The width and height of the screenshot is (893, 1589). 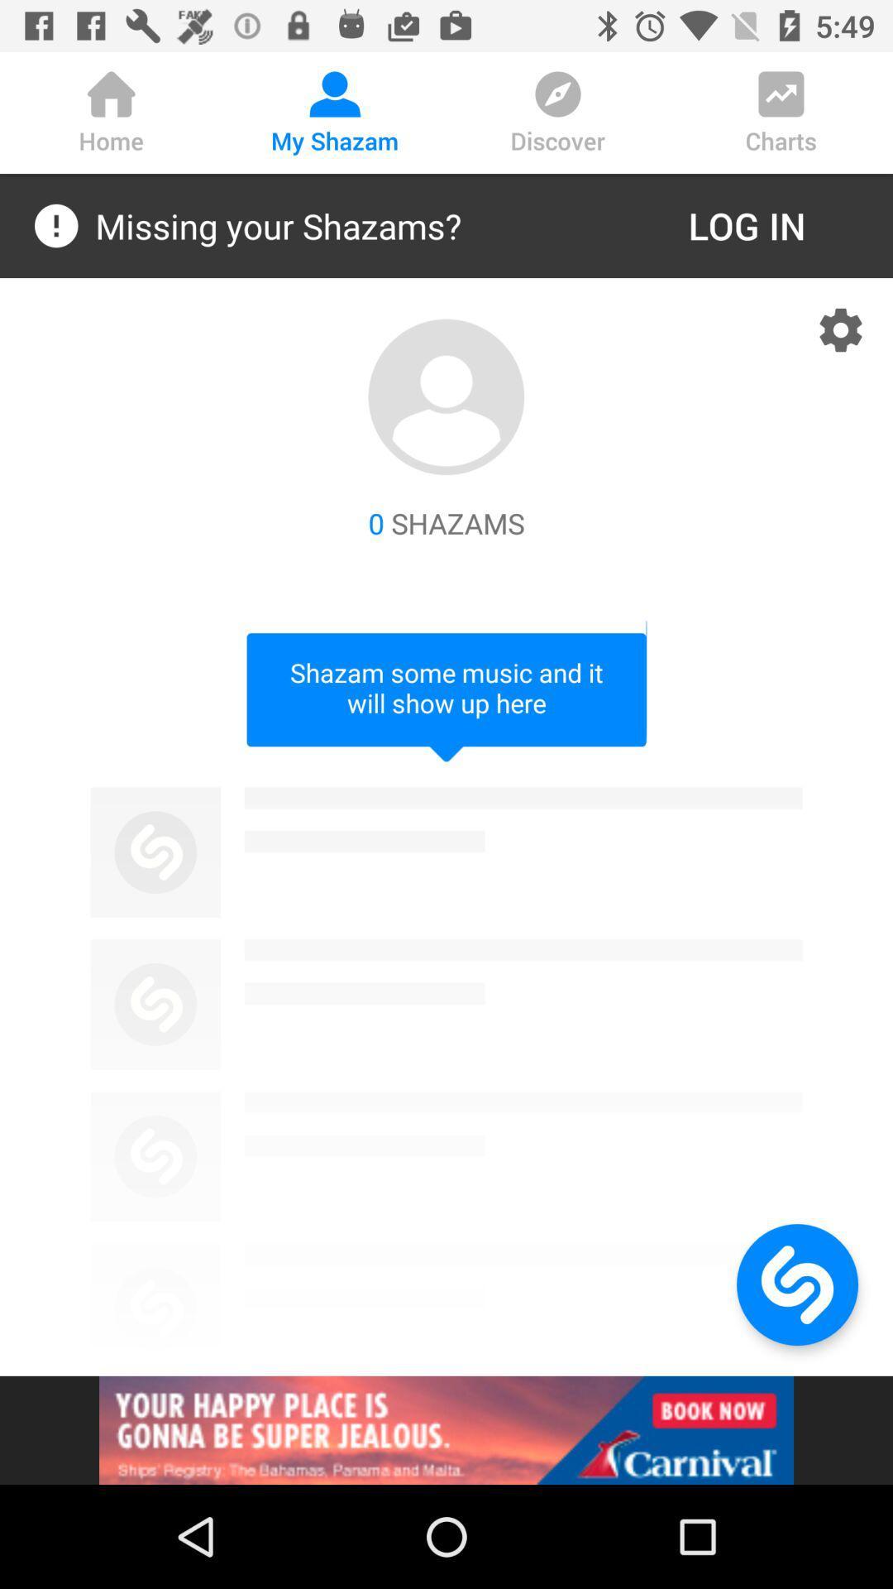 I want to click on goes to advertisement page, so click(x=446, y=1429).